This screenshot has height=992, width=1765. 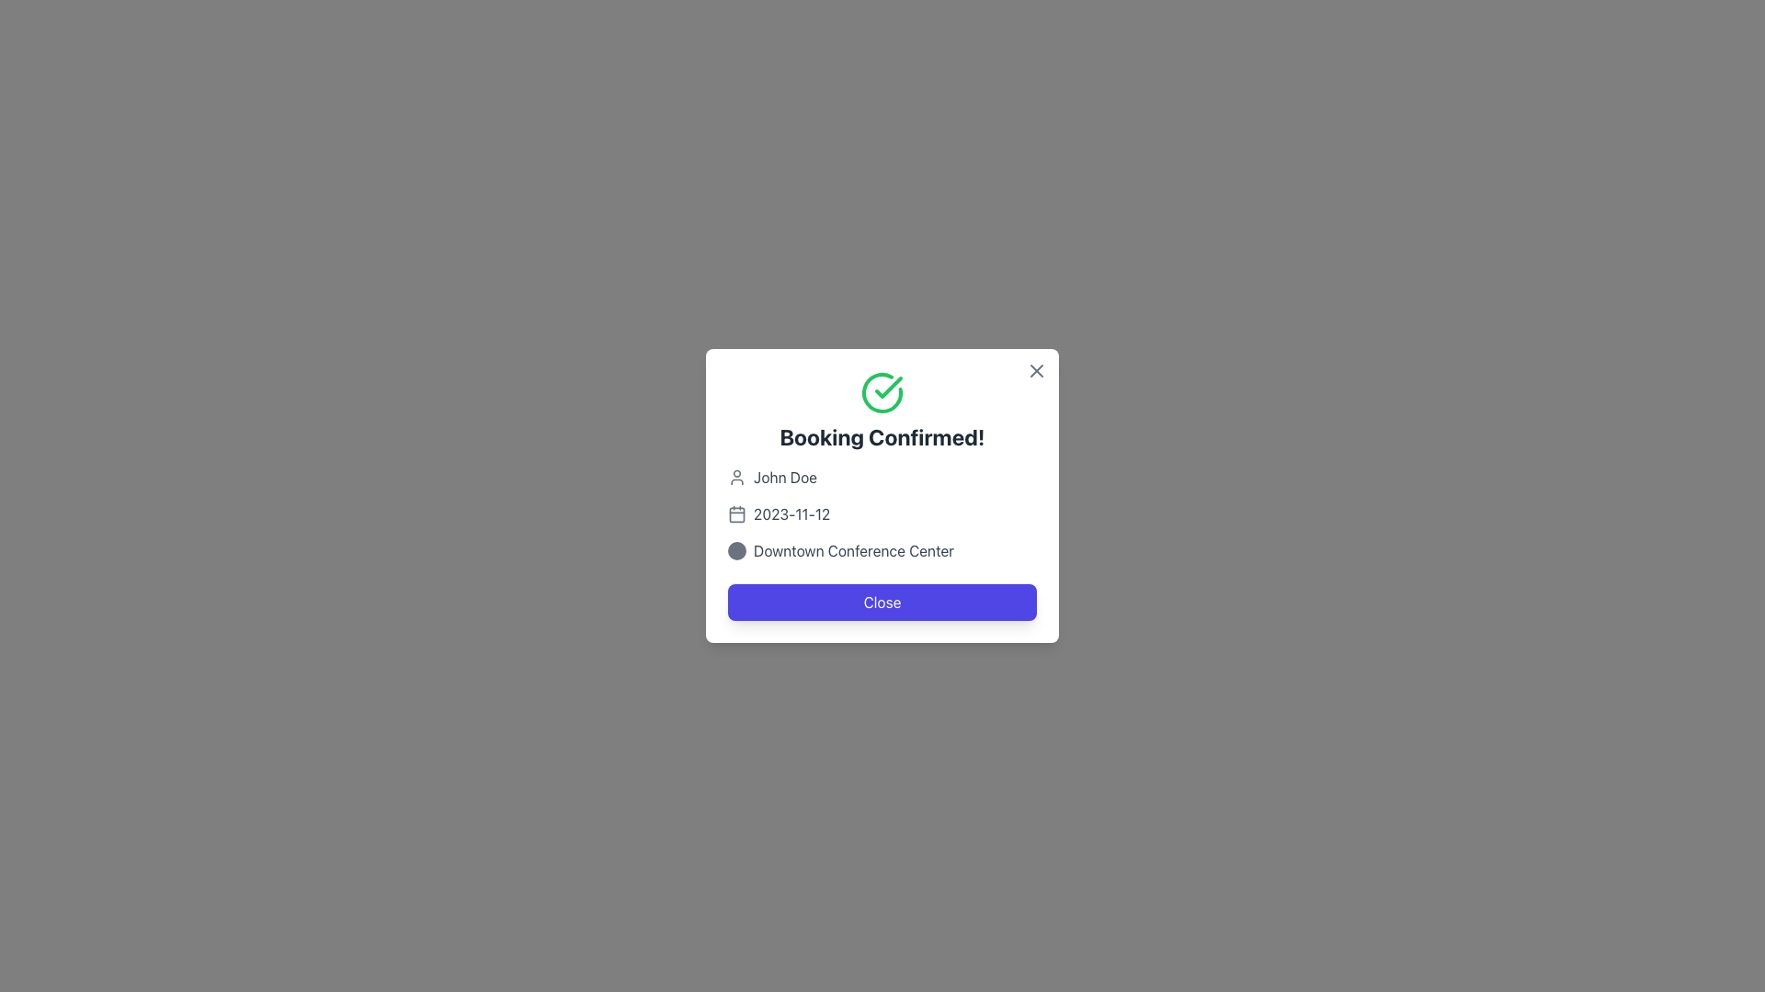 What do you see at coordinates (736, 513) in the screenshot?
I see `calendar icon located directly to the left of the date text '2023-11-12' for information` at bounding box center [736, 513].